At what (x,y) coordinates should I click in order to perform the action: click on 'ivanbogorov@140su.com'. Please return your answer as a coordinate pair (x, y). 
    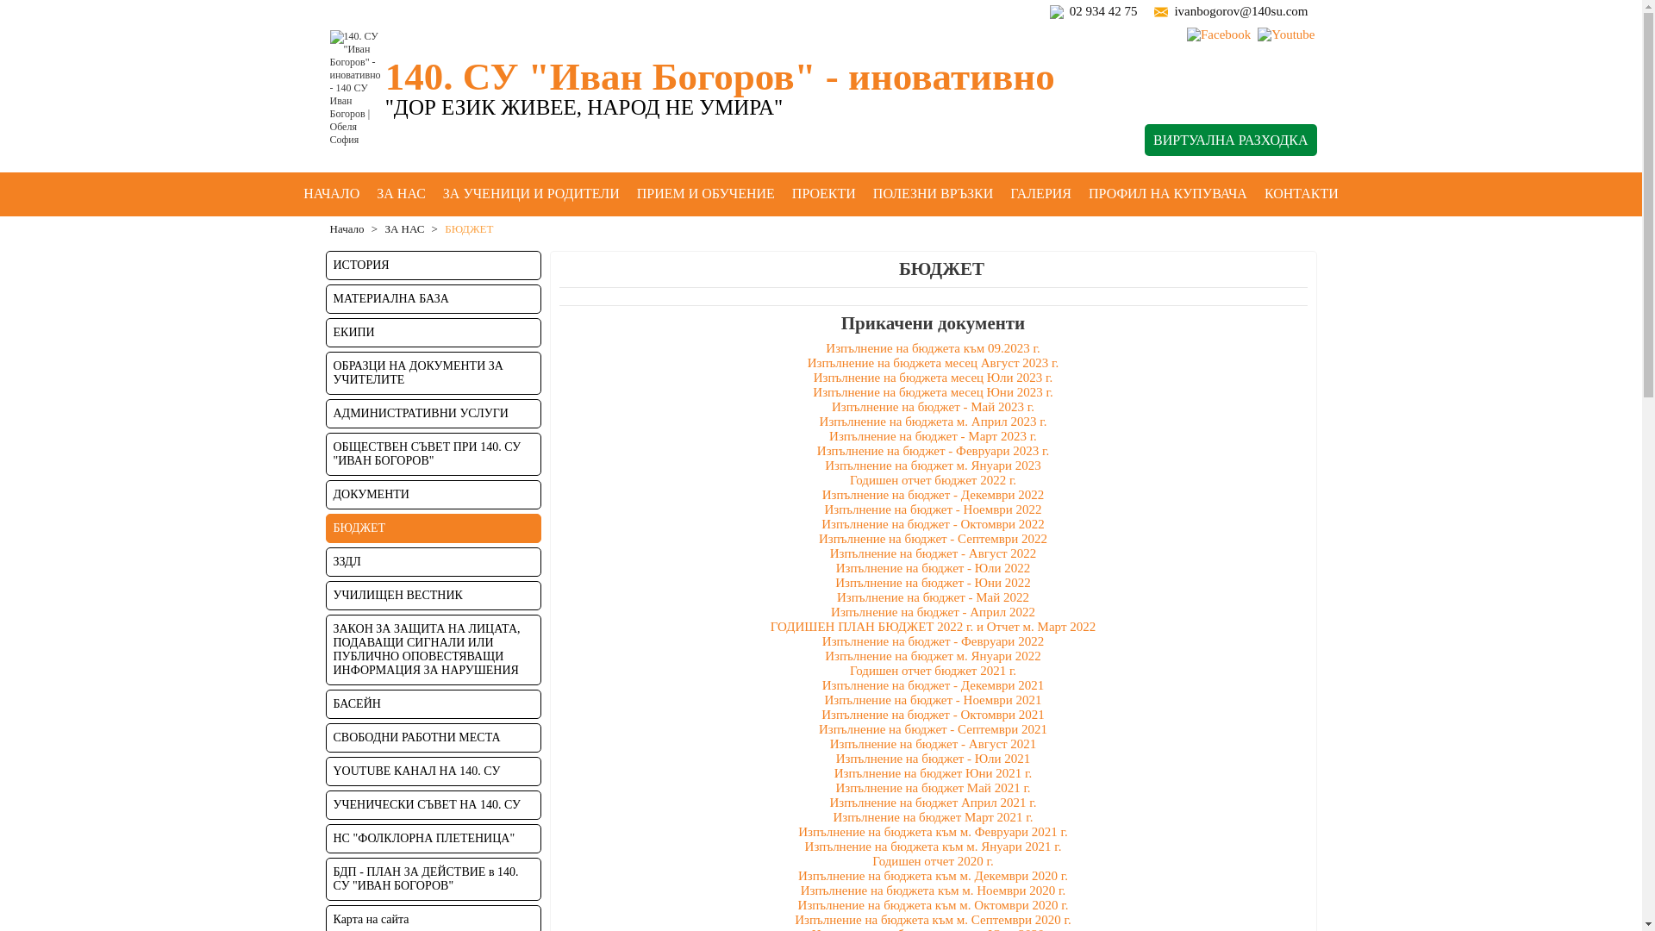
    Looking at the image, I should click on (1240, 10).